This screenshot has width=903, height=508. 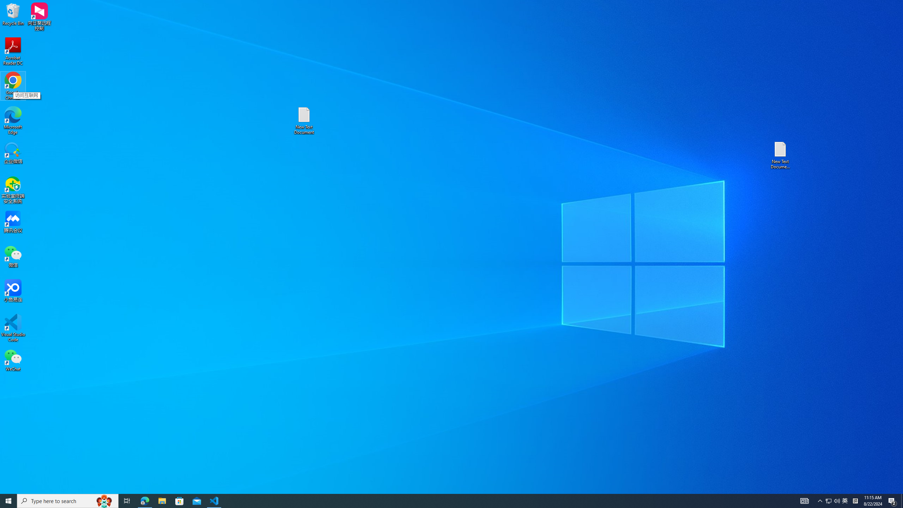 What do you see at coordinates (781, 155) in the screenshot?
I see `'New Text Document (2)'` at bounding box center [781, 155].